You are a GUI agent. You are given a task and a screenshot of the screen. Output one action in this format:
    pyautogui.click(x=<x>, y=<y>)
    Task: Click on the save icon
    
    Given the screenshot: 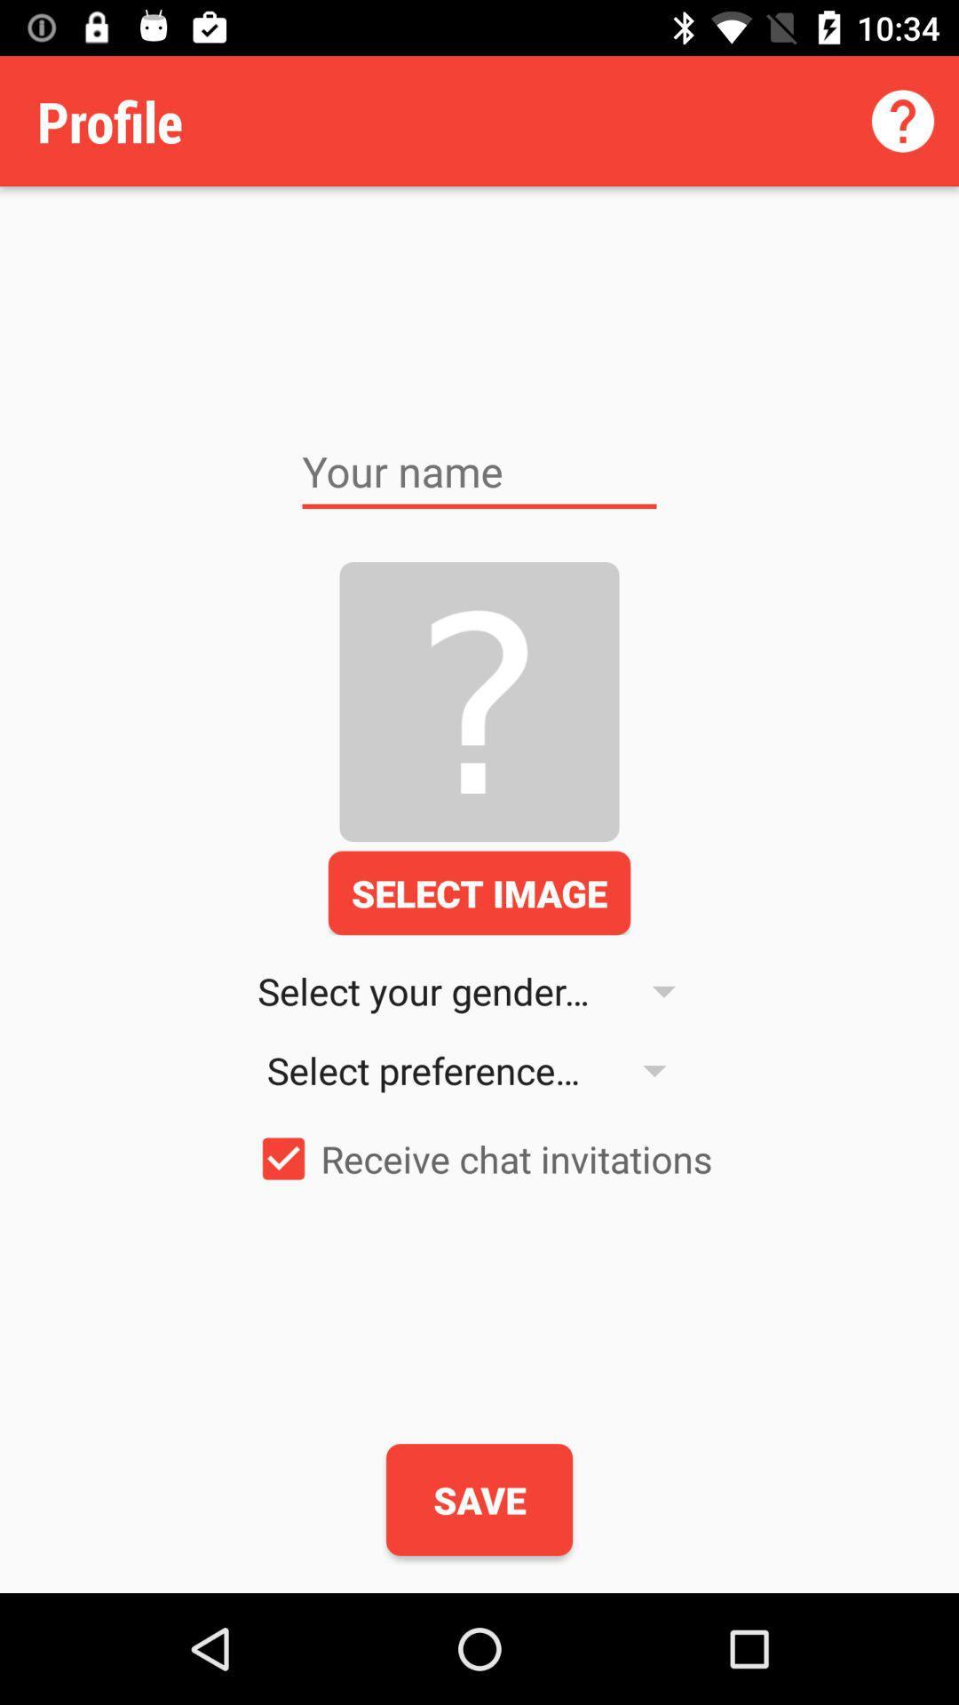 What is the action you would take?
    pyautogui.click(x=479, y=1499)
    